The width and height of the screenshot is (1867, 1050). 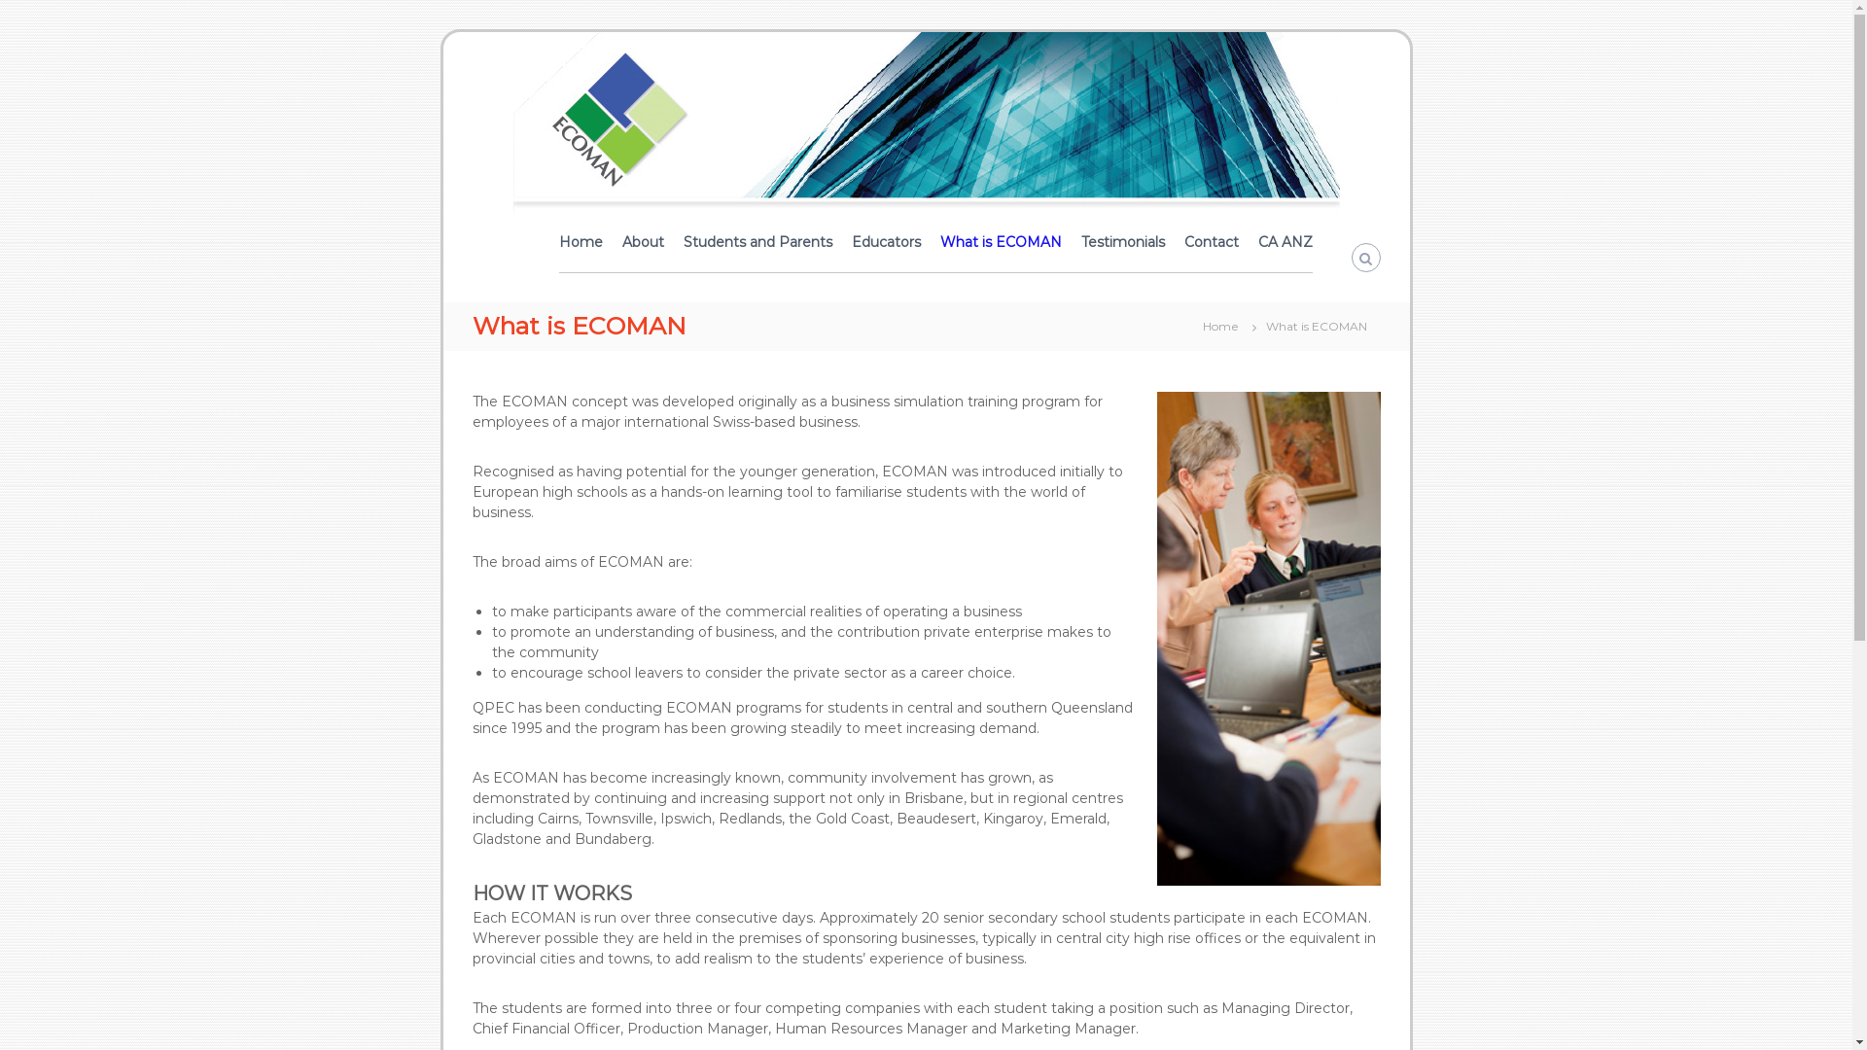 I want to click on 'Educators', so click(x=885, y=241).